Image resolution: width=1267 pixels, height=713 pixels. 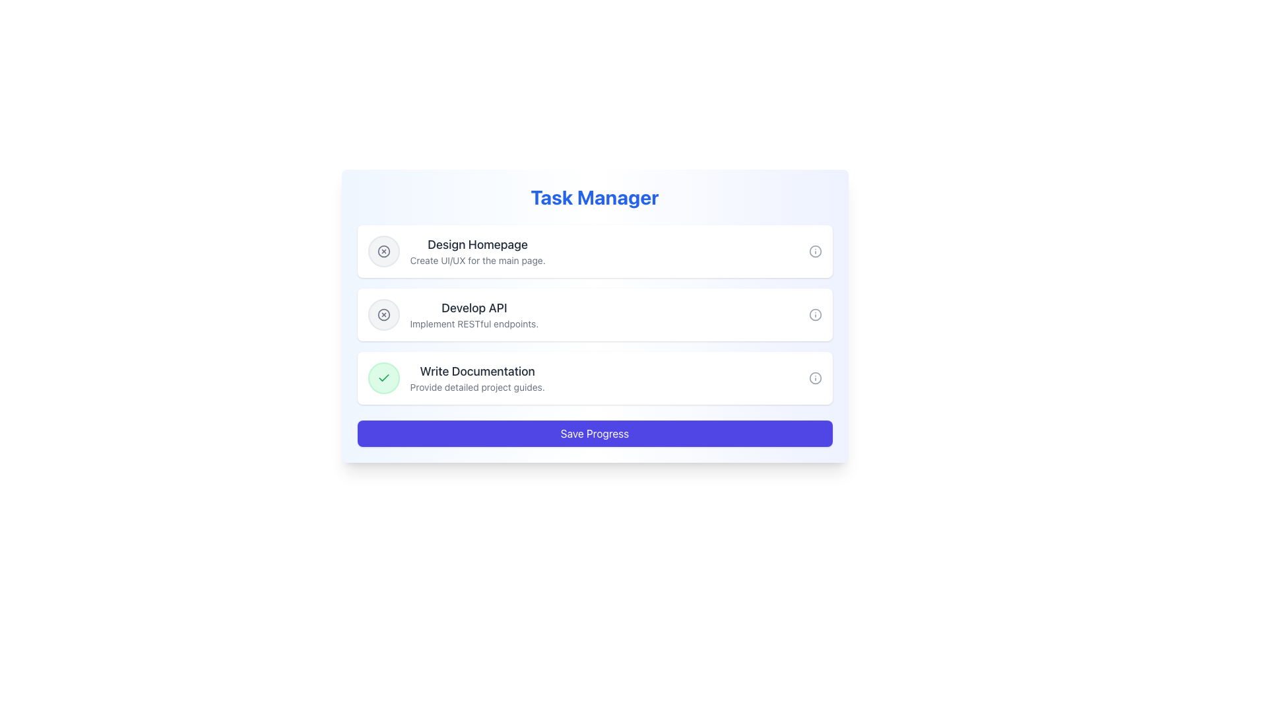 I want to click on the task item displaying 'Write Documentation' in the Task Manager, so click(x=456, y=378).